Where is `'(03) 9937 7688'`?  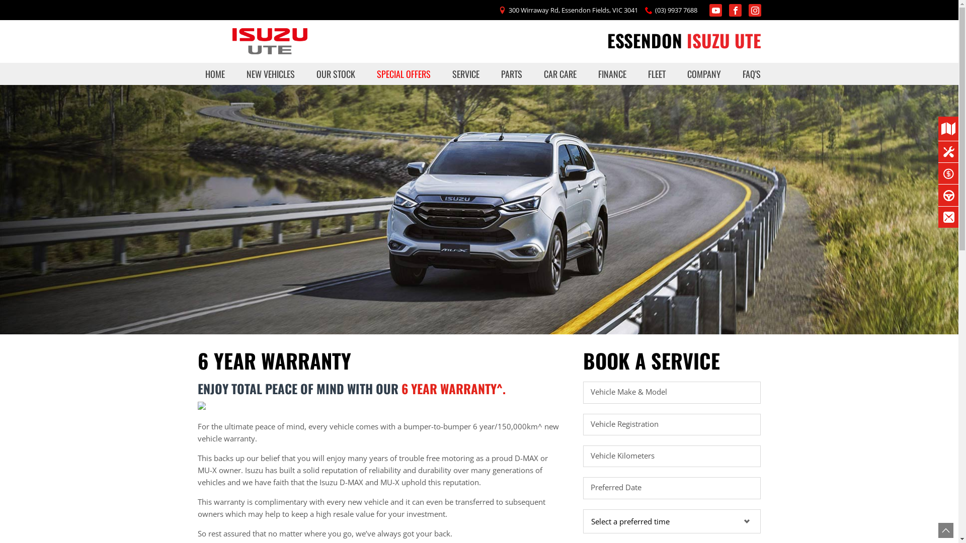 '(03) 9937 7688' is located at coordinates (676, 10).